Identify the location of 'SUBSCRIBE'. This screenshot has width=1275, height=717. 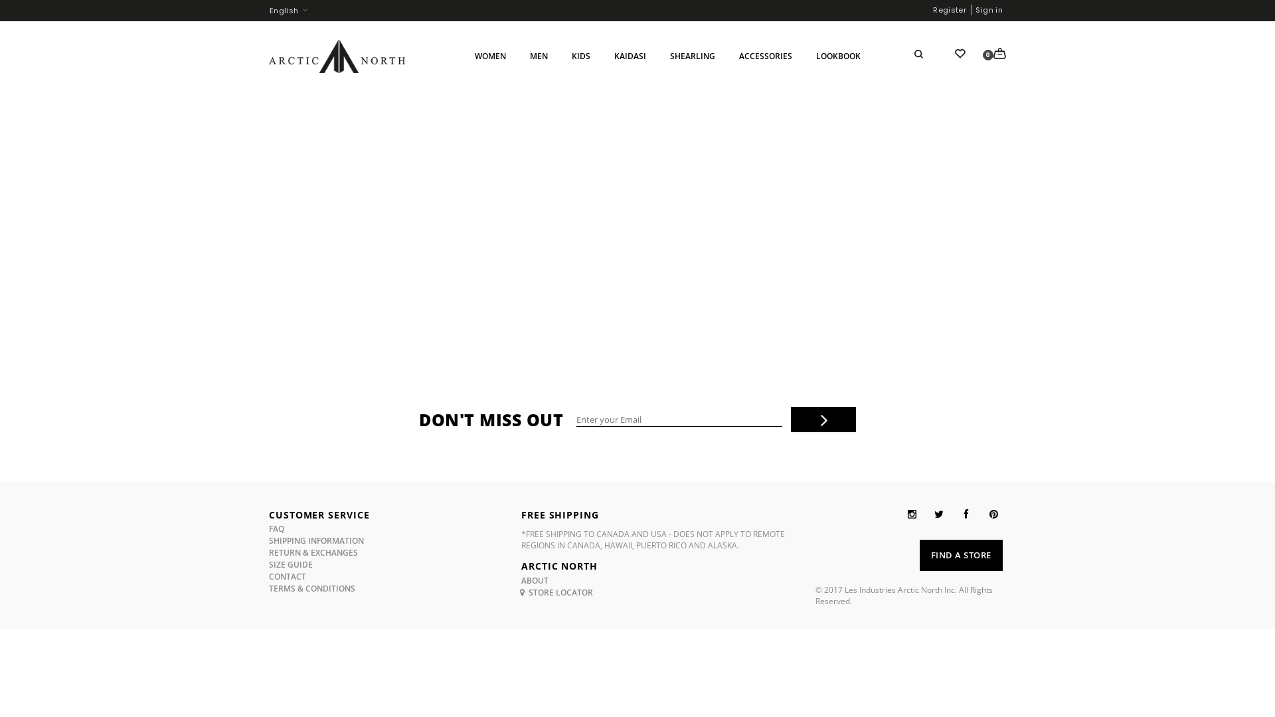
(822, 420).